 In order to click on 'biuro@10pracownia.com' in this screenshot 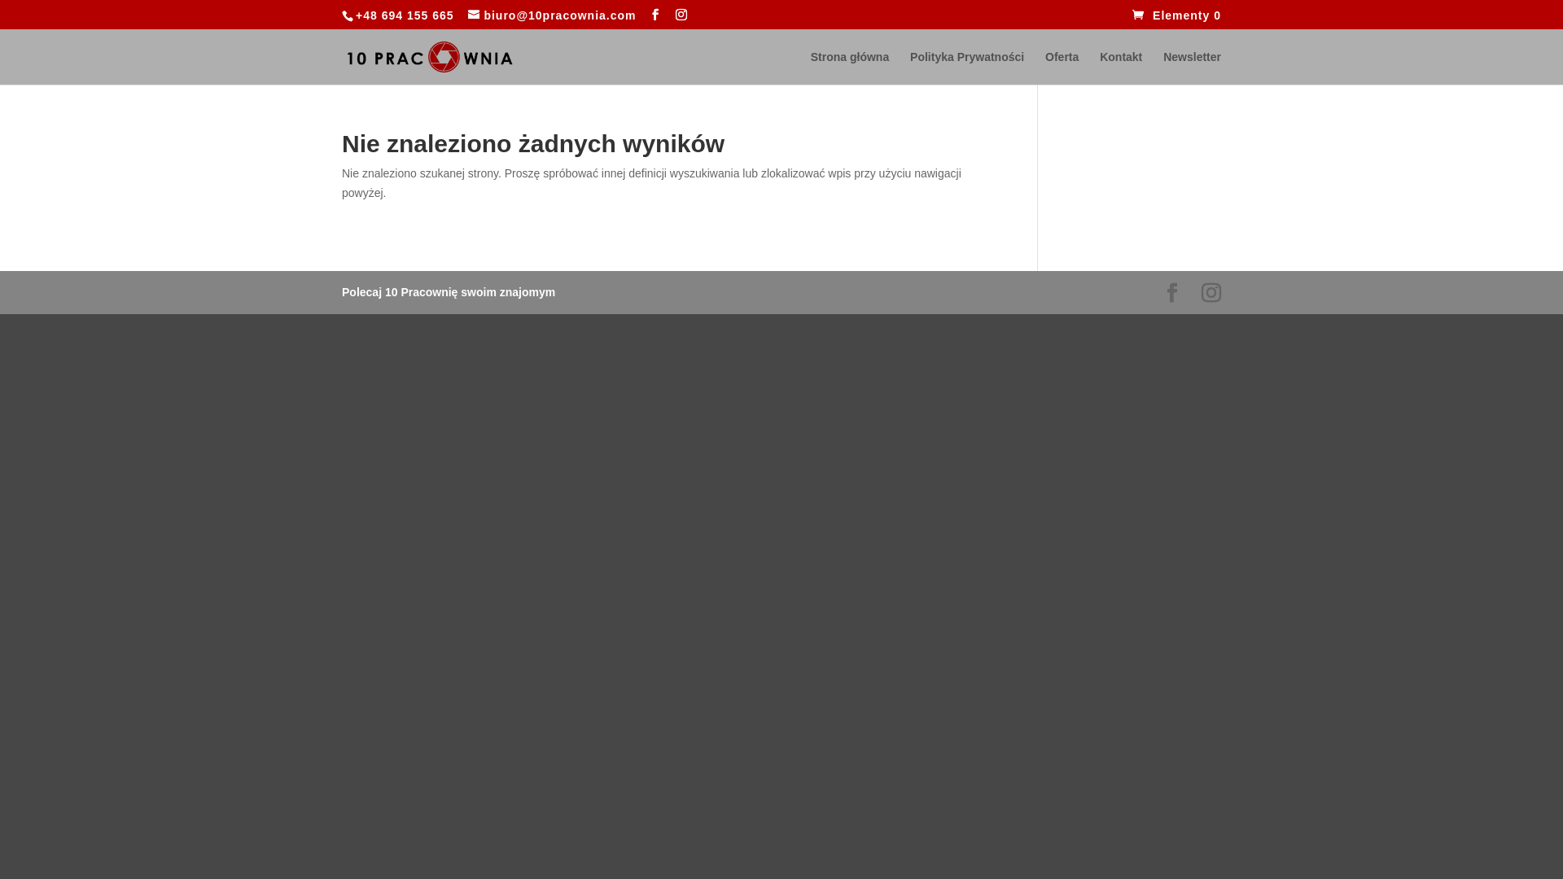, I will do `click(551, 15)`.